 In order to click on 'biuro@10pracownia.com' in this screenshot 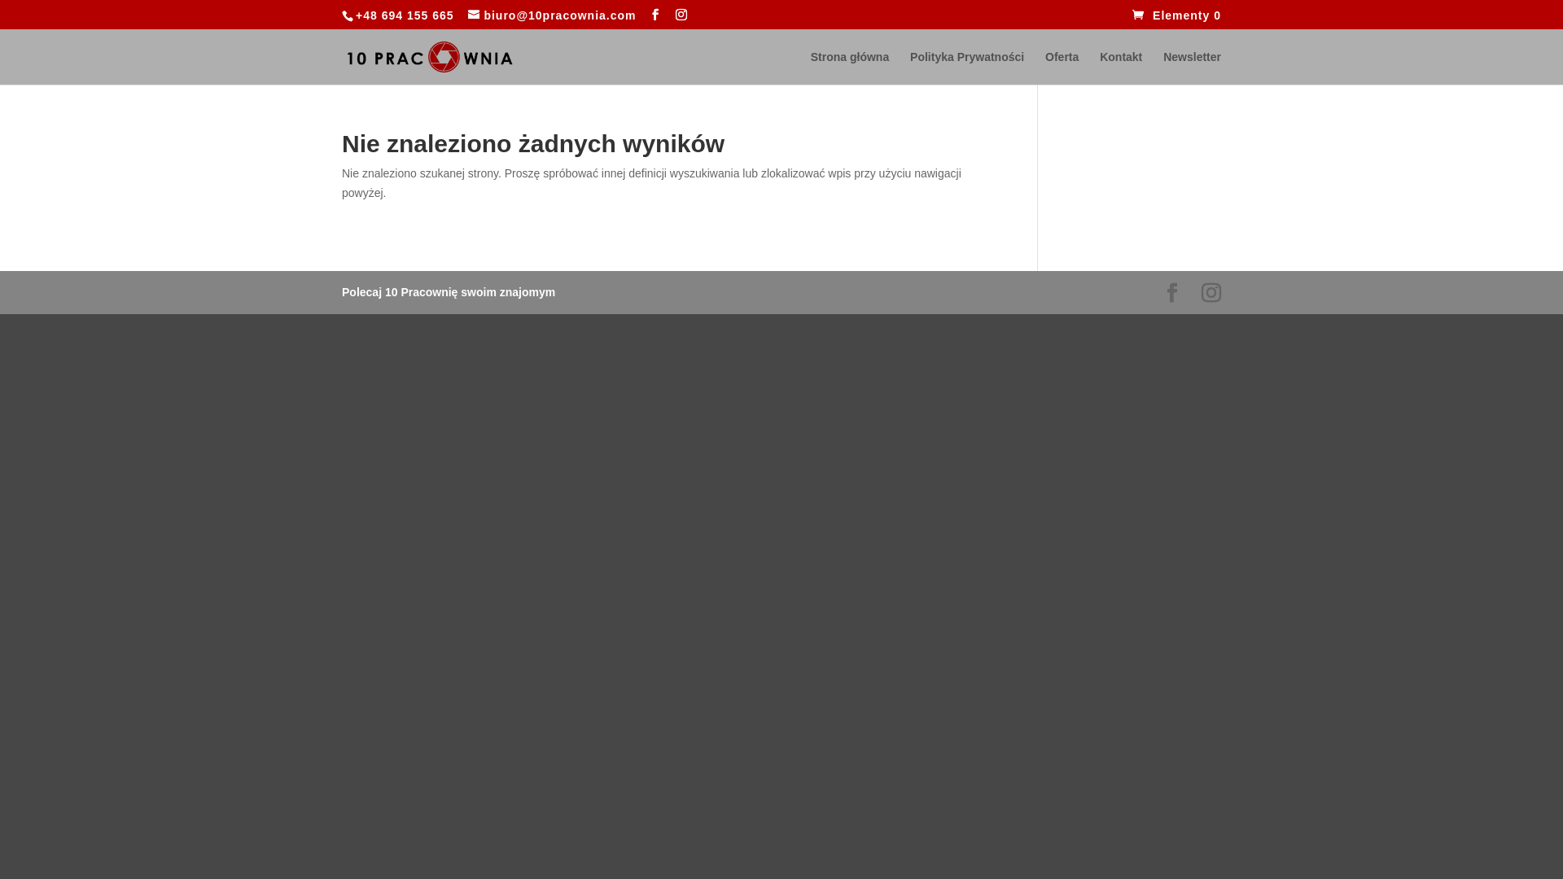, I will do `click(551, 15)`.